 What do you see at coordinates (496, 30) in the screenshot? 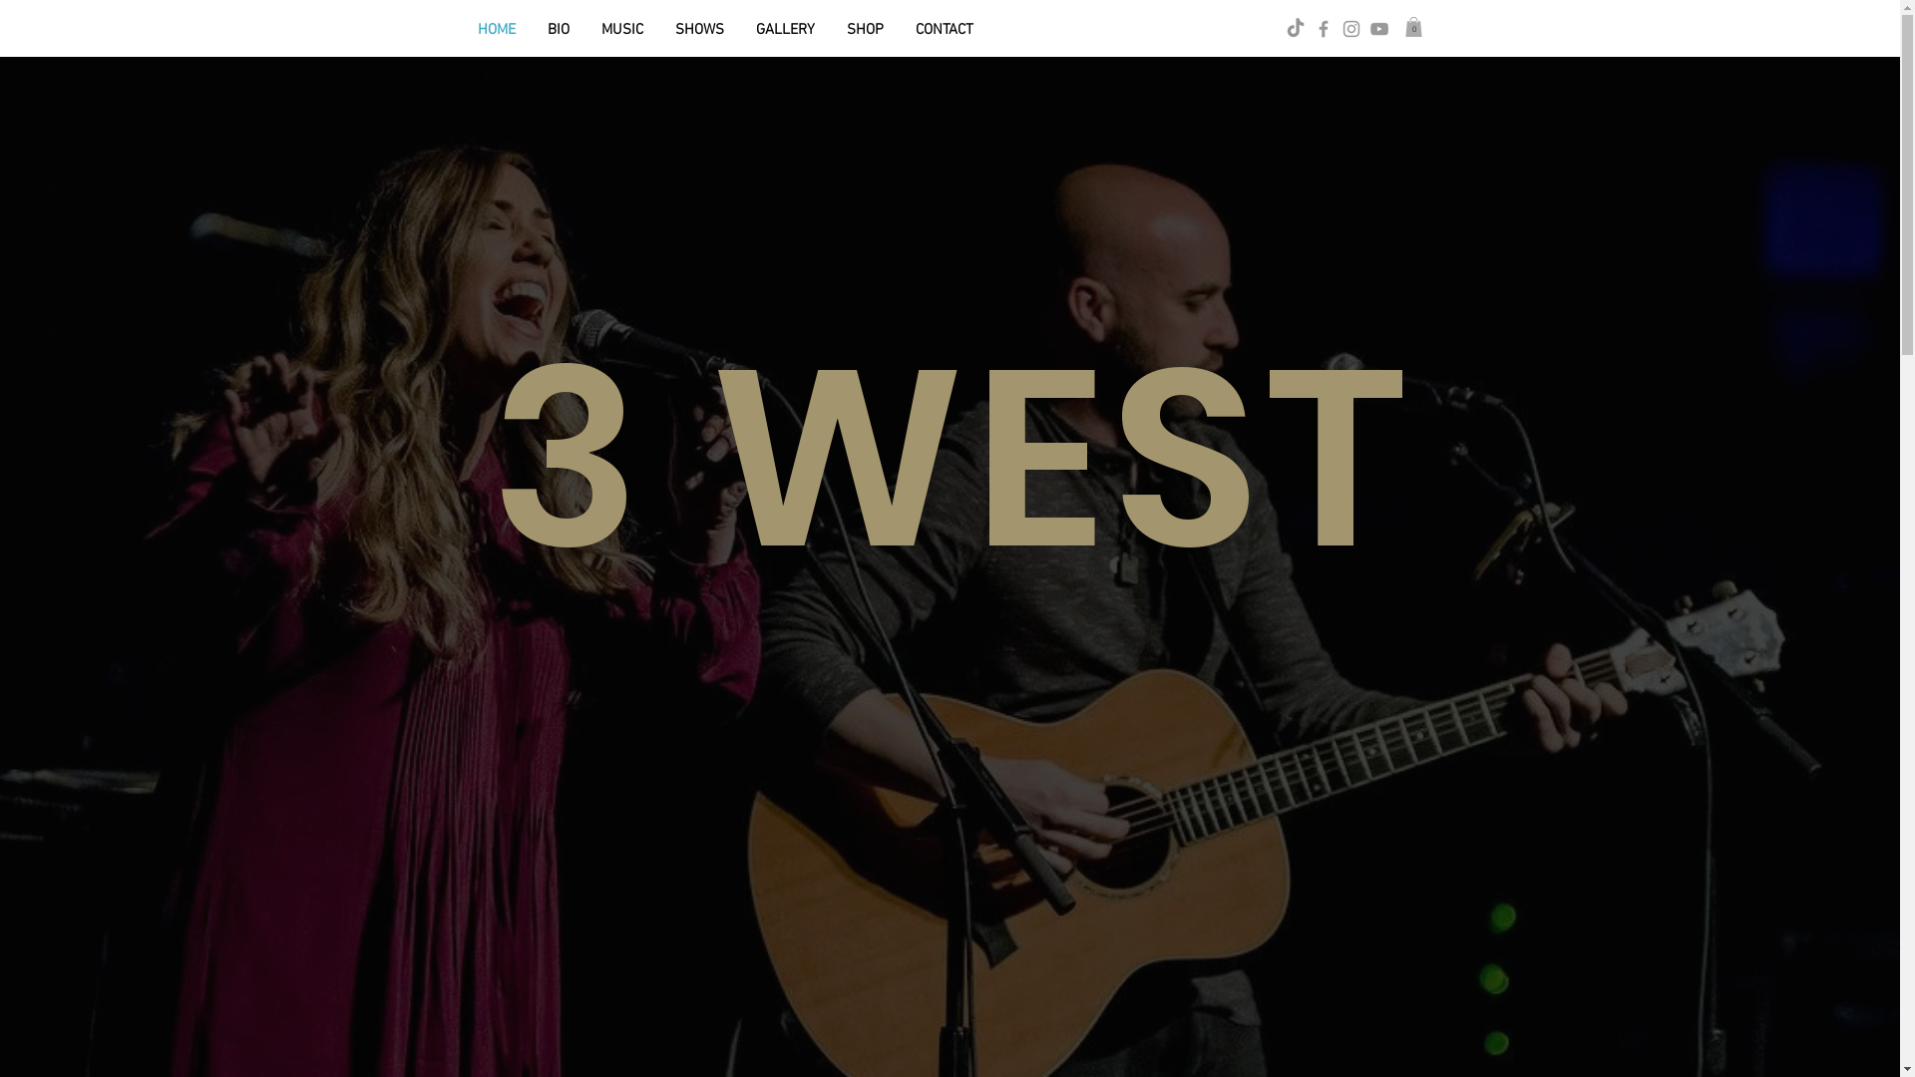
I see `'HOME'` at bounding box center [496, 30].